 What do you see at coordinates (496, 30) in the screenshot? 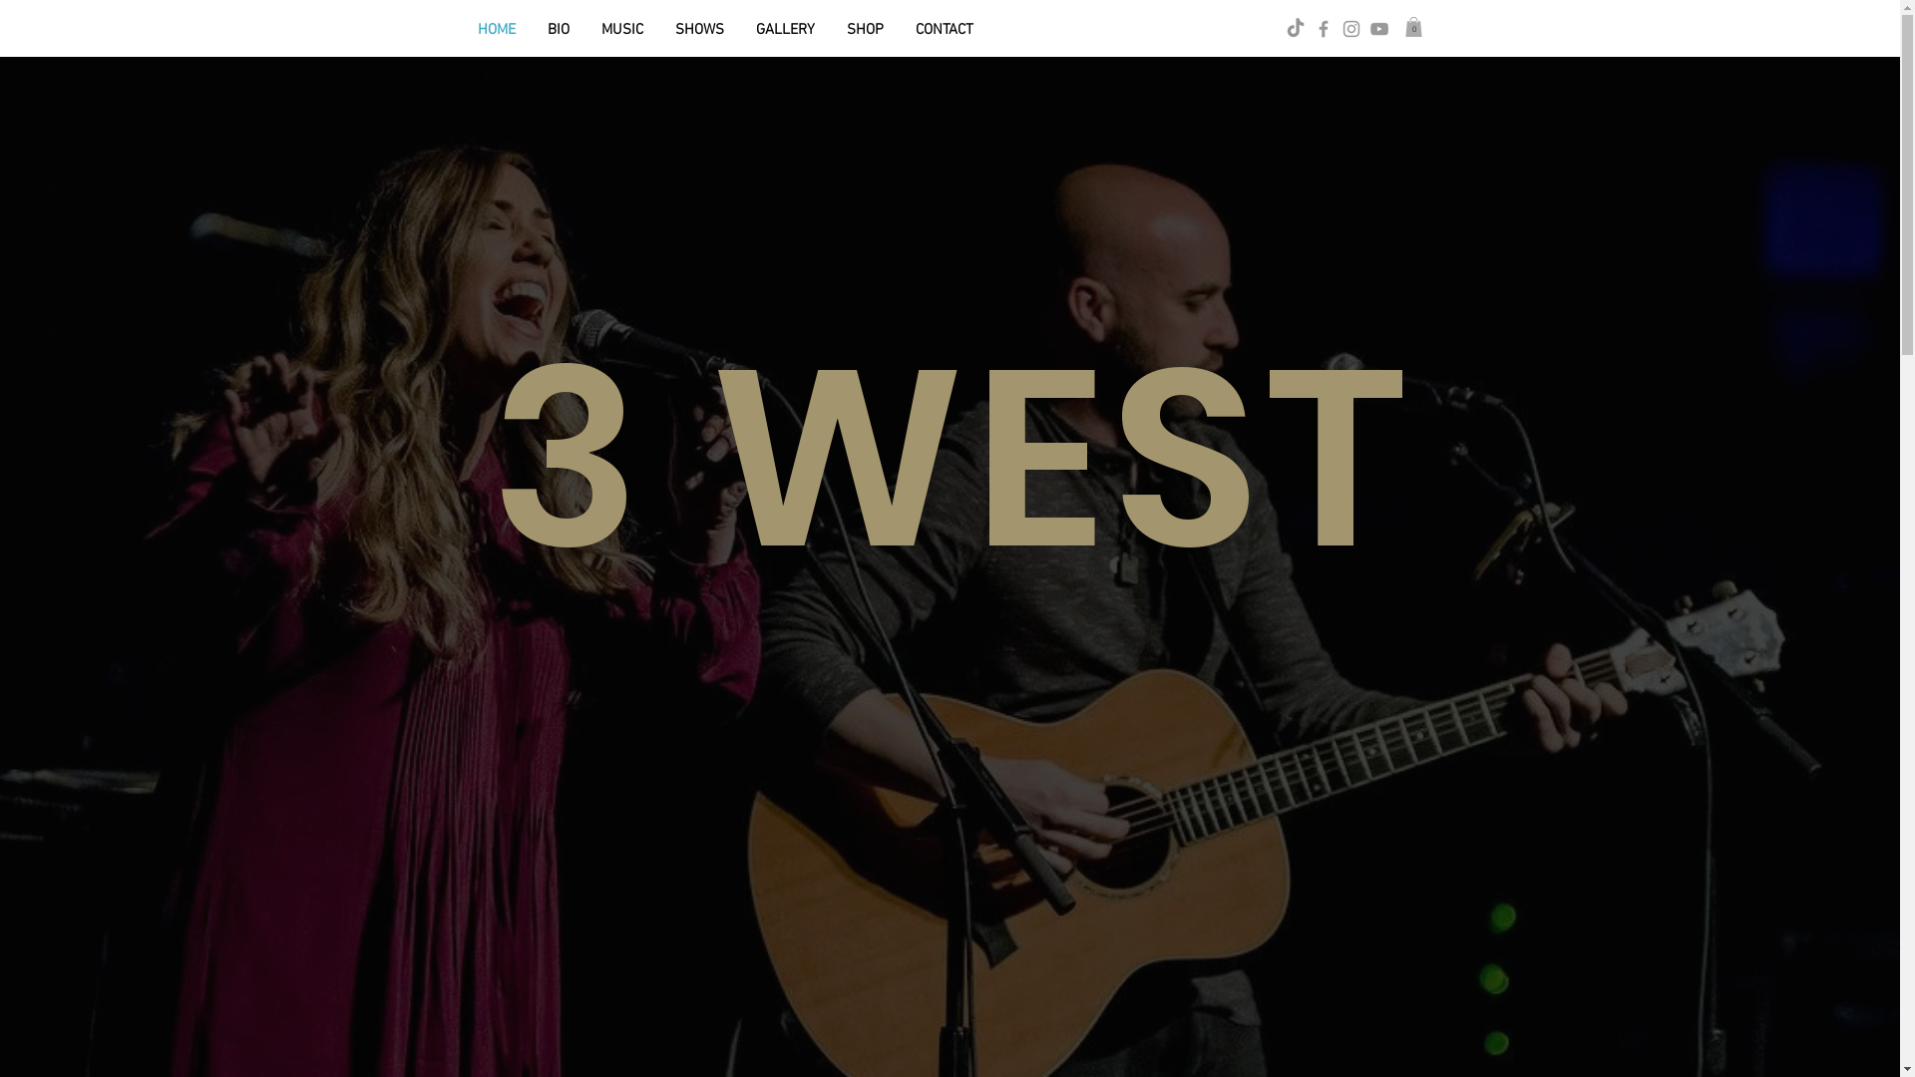
I see `'HOME'` at bounding box center [496, 30].